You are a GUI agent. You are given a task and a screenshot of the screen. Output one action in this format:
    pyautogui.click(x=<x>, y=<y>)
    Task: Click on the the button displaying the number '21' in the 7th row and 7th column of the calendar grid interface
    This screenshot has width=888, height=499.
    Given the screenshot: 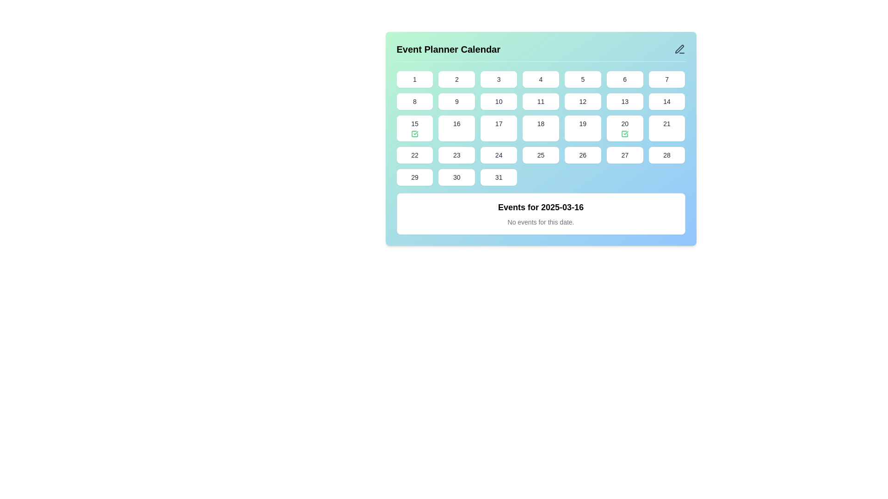 What is the action you would take?
    pyautogui.click(x=667, y=128)
    